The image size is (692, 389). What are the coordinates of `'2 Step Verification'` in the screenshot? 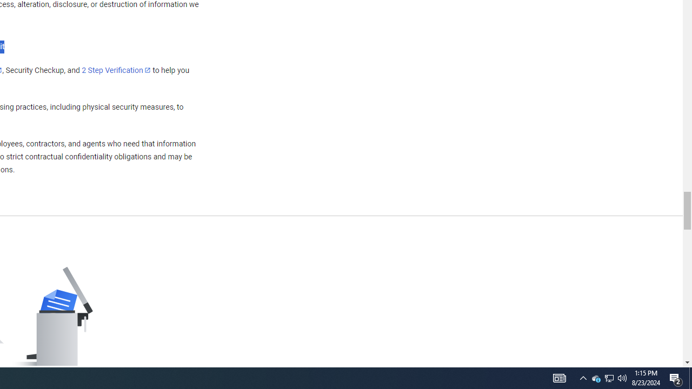 It's located at (116, 70).